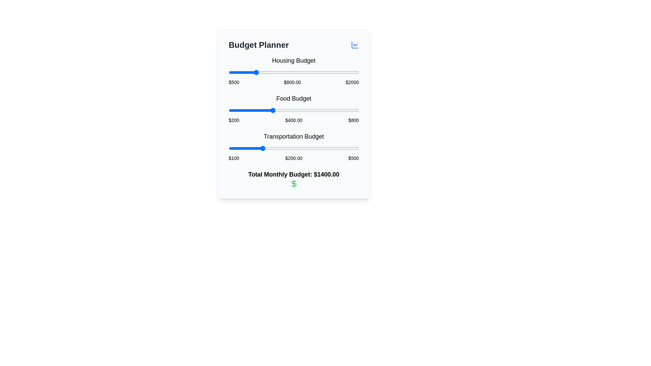 The width and height of the screenshot is (651, 366). I want to click on the transportation budget, so click(319, 148).